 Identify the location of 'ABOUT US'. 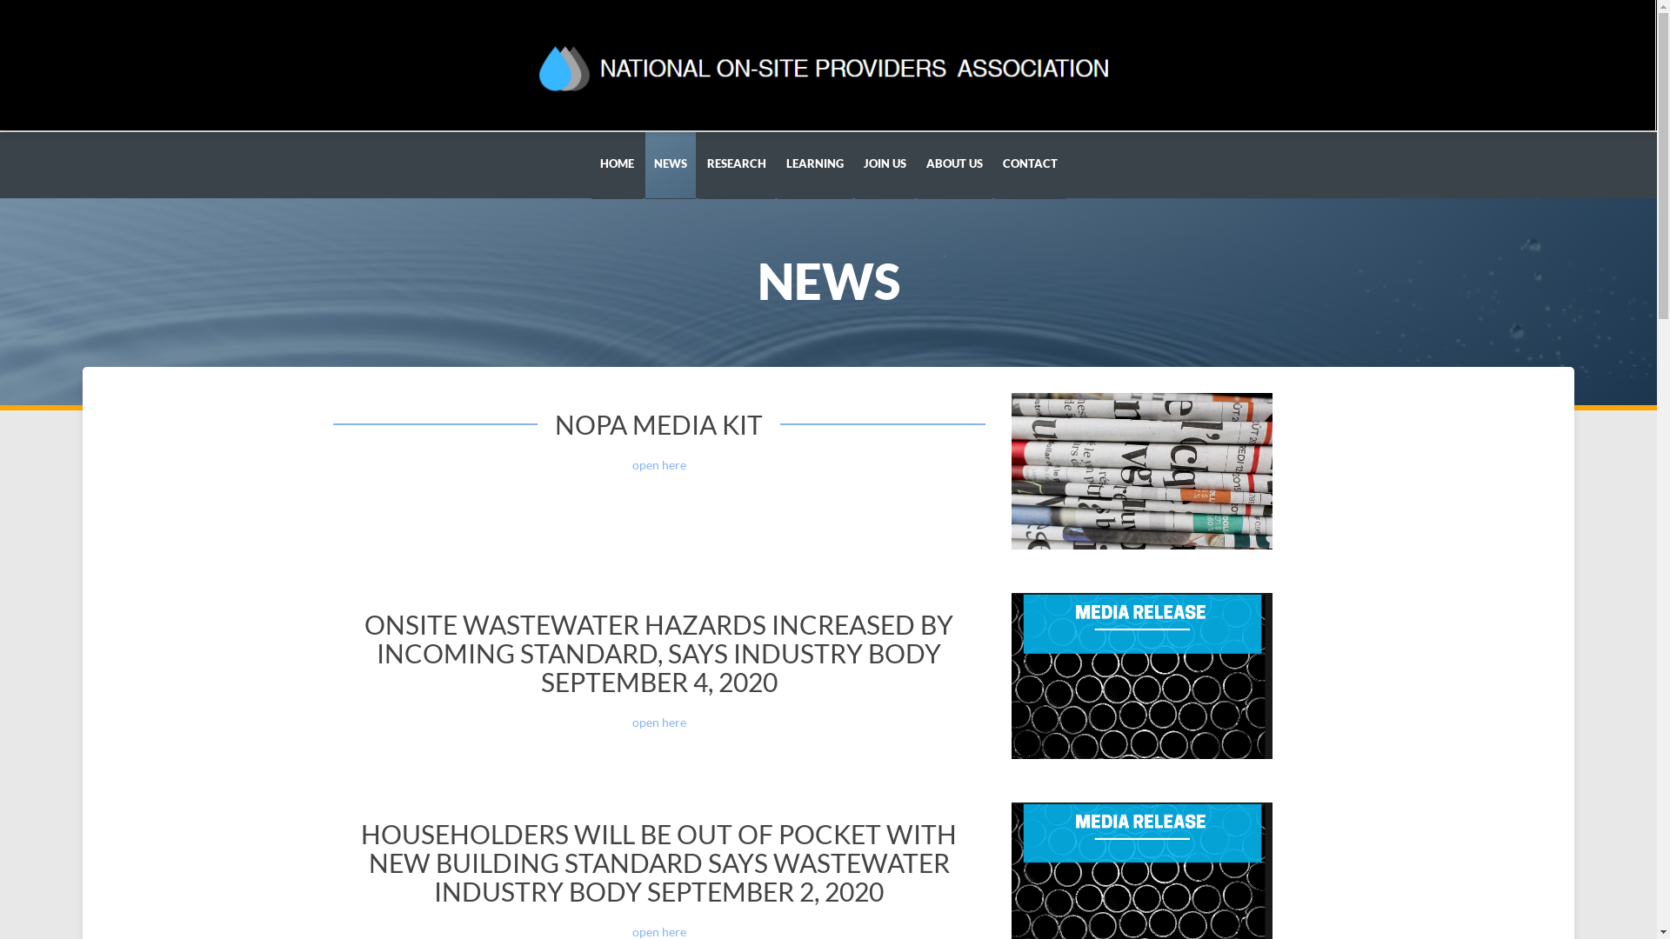
(916, 165).